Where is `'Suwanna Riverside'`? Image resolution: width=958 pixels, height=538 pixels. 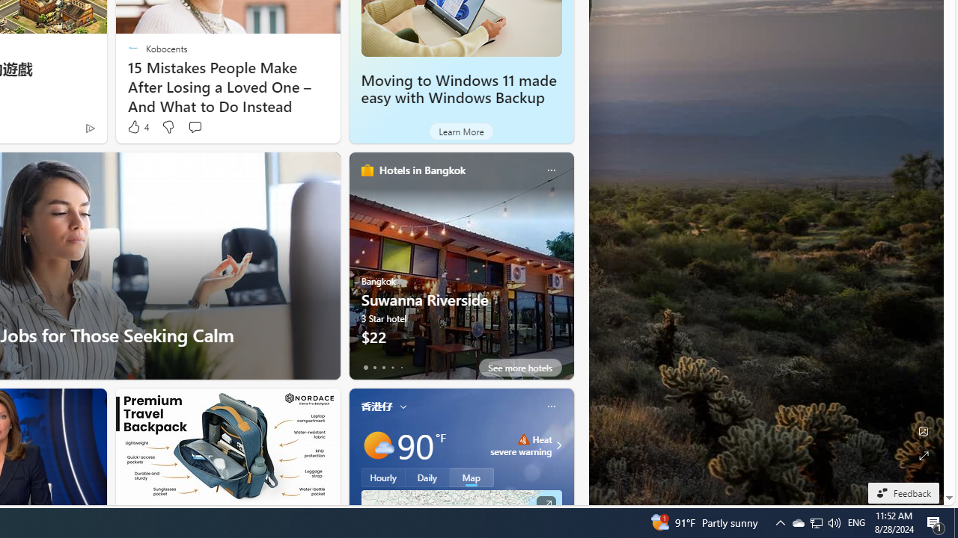 'Suwanna Riverside' is located at coordinates (460, 271).